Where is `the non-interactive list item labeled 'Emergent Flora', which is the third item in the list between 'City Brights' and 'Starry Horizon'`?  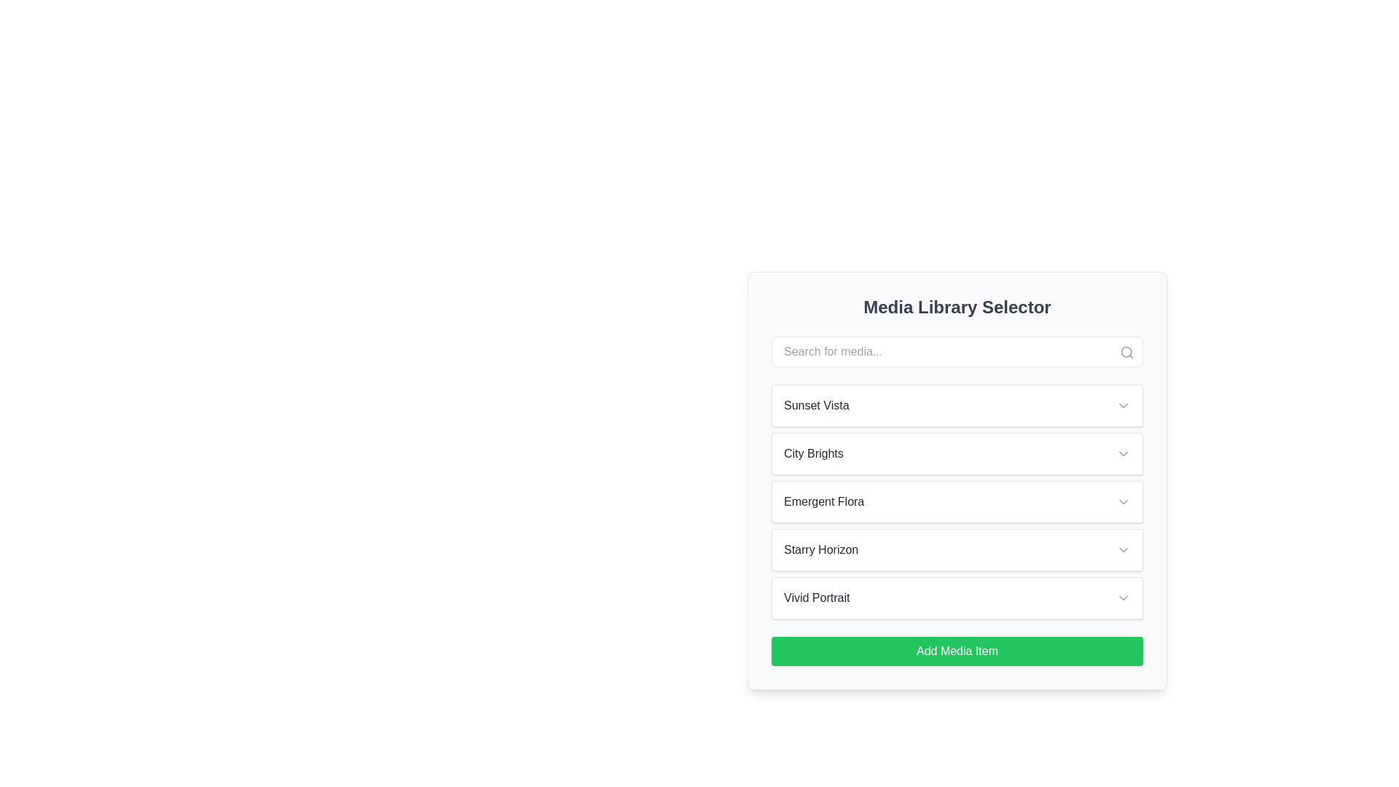 the non-interactive list item labeled 'Emergent Flora', which is the third item in the list between 'City Brights' and 'Starry Horizon' is located at coordinates (957, 501).